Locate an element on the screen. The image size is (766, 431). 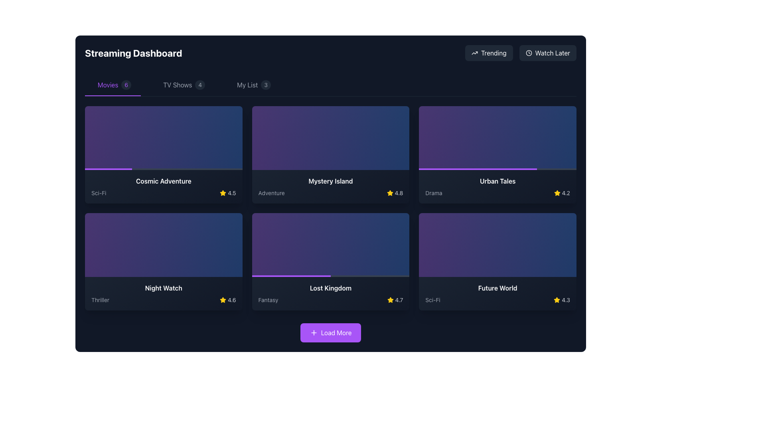
the numerical text '4.7' styled in a small gray font, located in the bottom-right corner of the 'Lost Kingdom' card, adjacent to a yellow star icon is located at coordinates (399, 300).